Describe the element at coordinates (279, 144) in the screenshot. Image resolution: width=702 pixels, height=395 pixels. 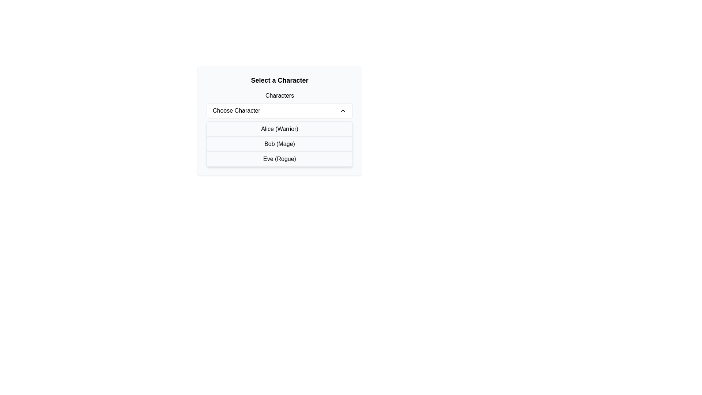
I see `text displayed for the character option 'Bob (Mage)' in the character selection menu, which is the second option in the list under the 'Select a Character' header` at that location.